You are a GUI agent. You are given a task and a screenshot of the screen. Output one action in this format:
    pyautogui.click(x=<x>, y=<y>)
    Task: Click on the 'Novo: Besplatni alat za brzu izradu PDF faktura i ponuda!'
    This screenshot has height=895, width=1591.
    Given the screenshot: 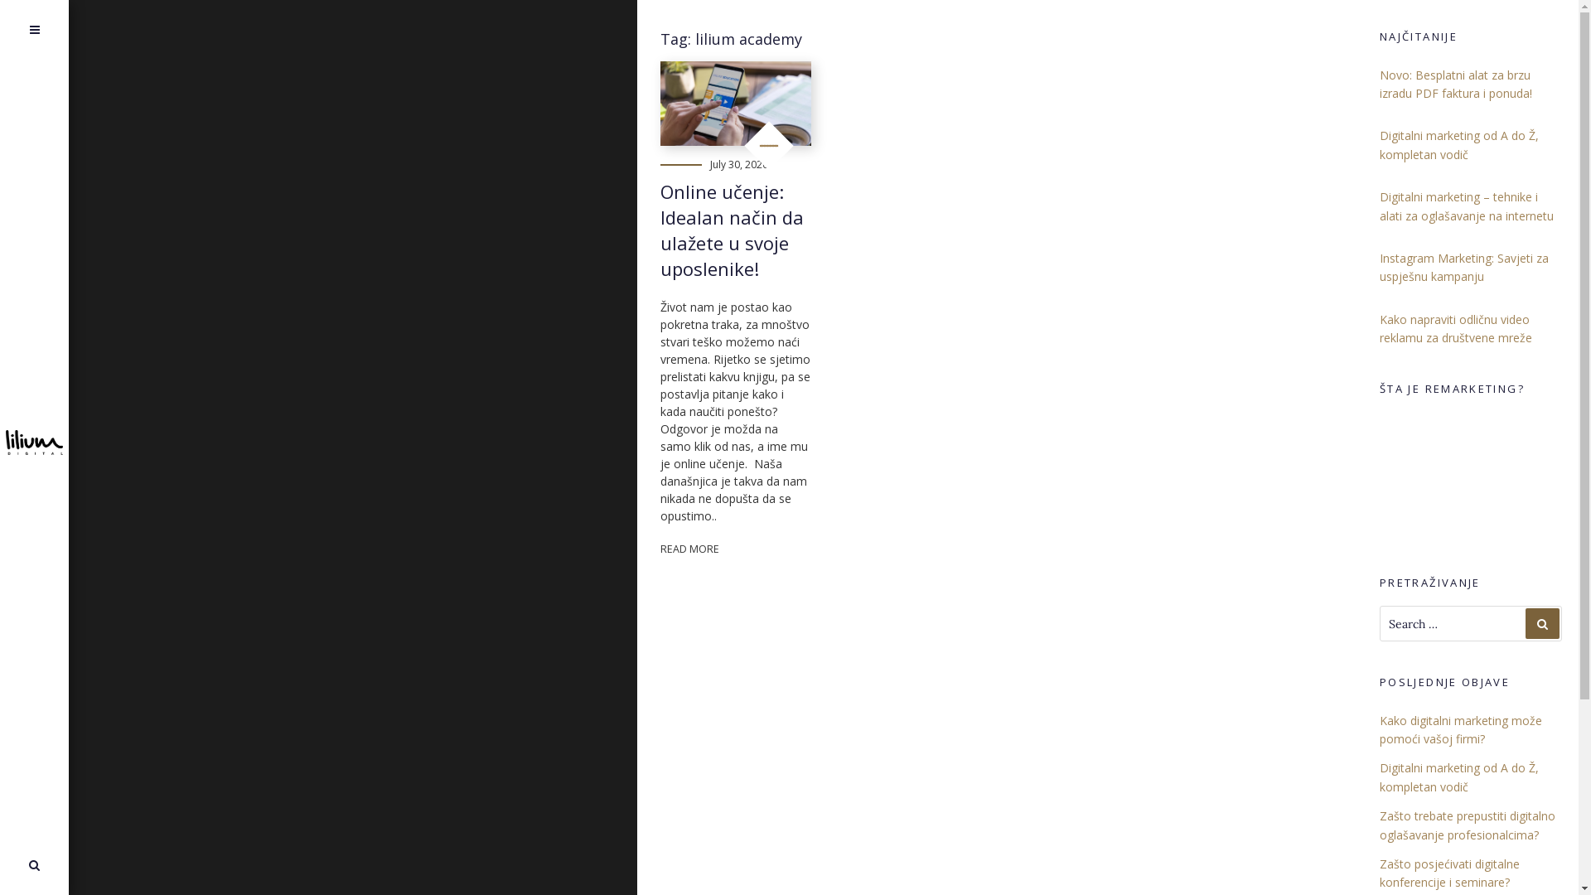 What is the action you would take?
    pyautogui.click(x=1380, y=84)
    